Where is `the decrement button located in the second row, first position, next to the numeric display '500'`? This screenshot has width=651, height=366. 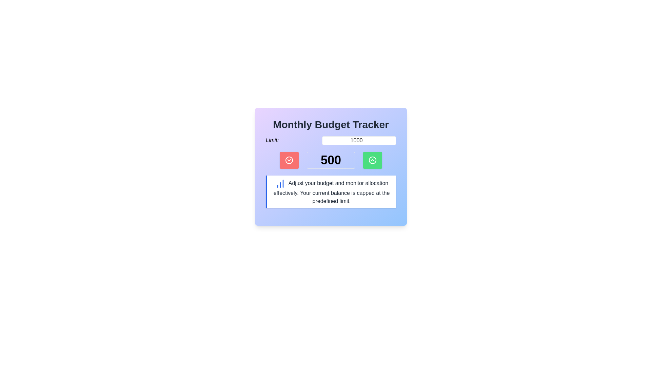
the decrement button located in the second row, first position, next to the numeric display '500' is located at coordinates (289, 160).